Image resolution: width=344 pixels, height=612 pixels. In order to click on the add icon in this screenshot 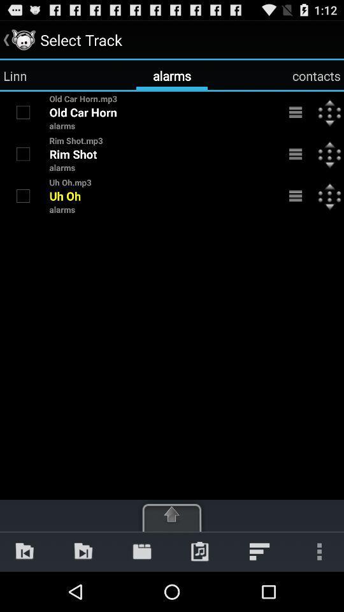, I will do `click(172, 550)`.